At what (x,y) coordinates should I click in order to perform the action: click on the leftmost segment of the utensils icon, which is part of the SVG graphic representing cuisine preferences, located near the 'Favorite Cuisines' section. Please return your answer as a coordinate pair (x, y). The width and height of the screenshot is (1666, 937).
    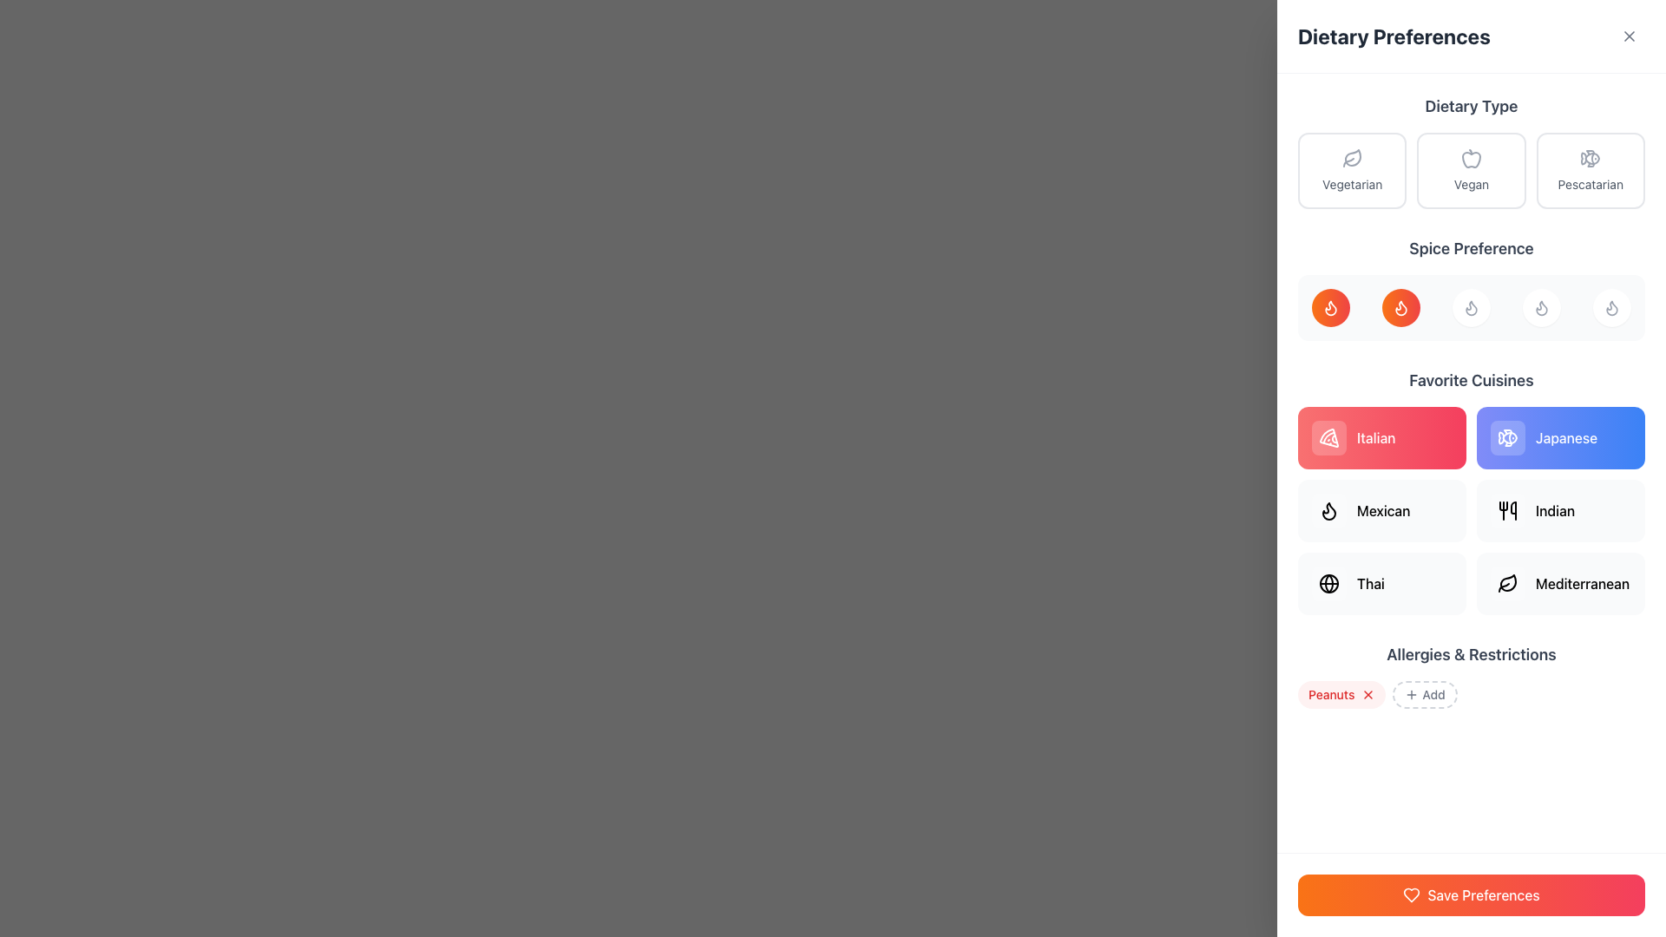
    Looking at the image, I should click on (1502, 506).